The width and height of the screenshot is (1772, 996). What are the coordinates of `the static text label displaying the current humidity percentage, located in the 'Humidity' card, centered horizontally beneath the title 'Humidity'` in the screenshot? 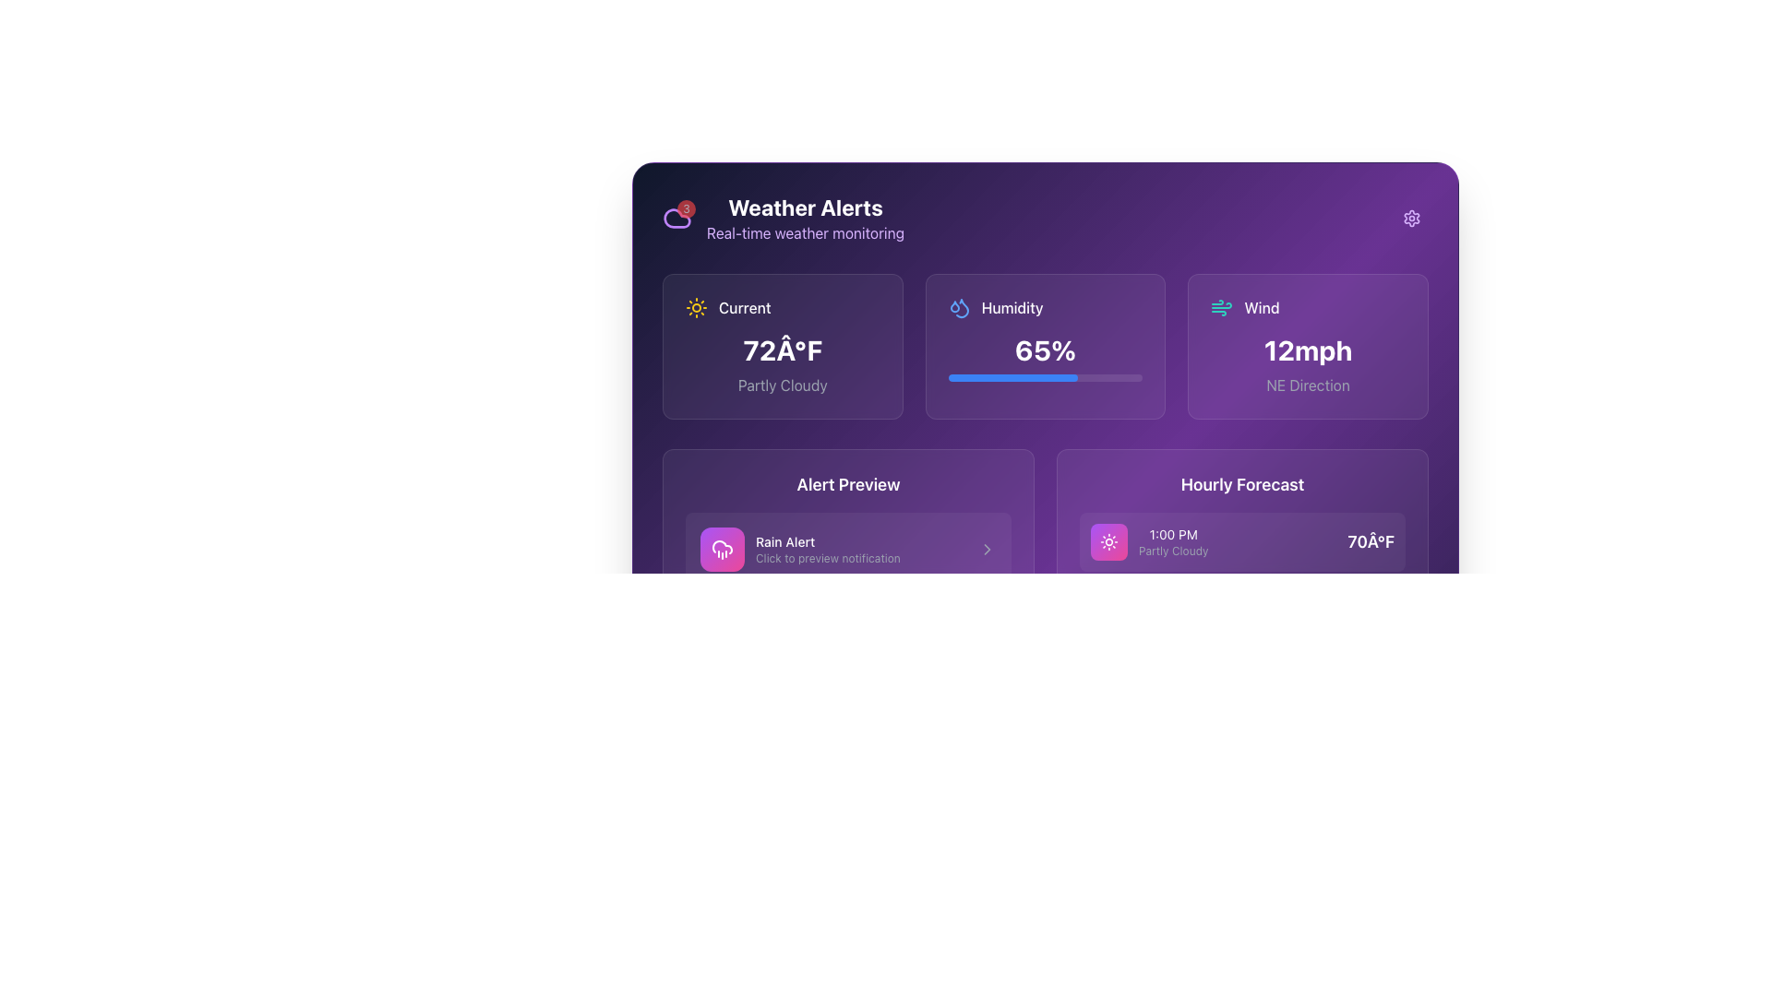 It's located at (1045, 350).